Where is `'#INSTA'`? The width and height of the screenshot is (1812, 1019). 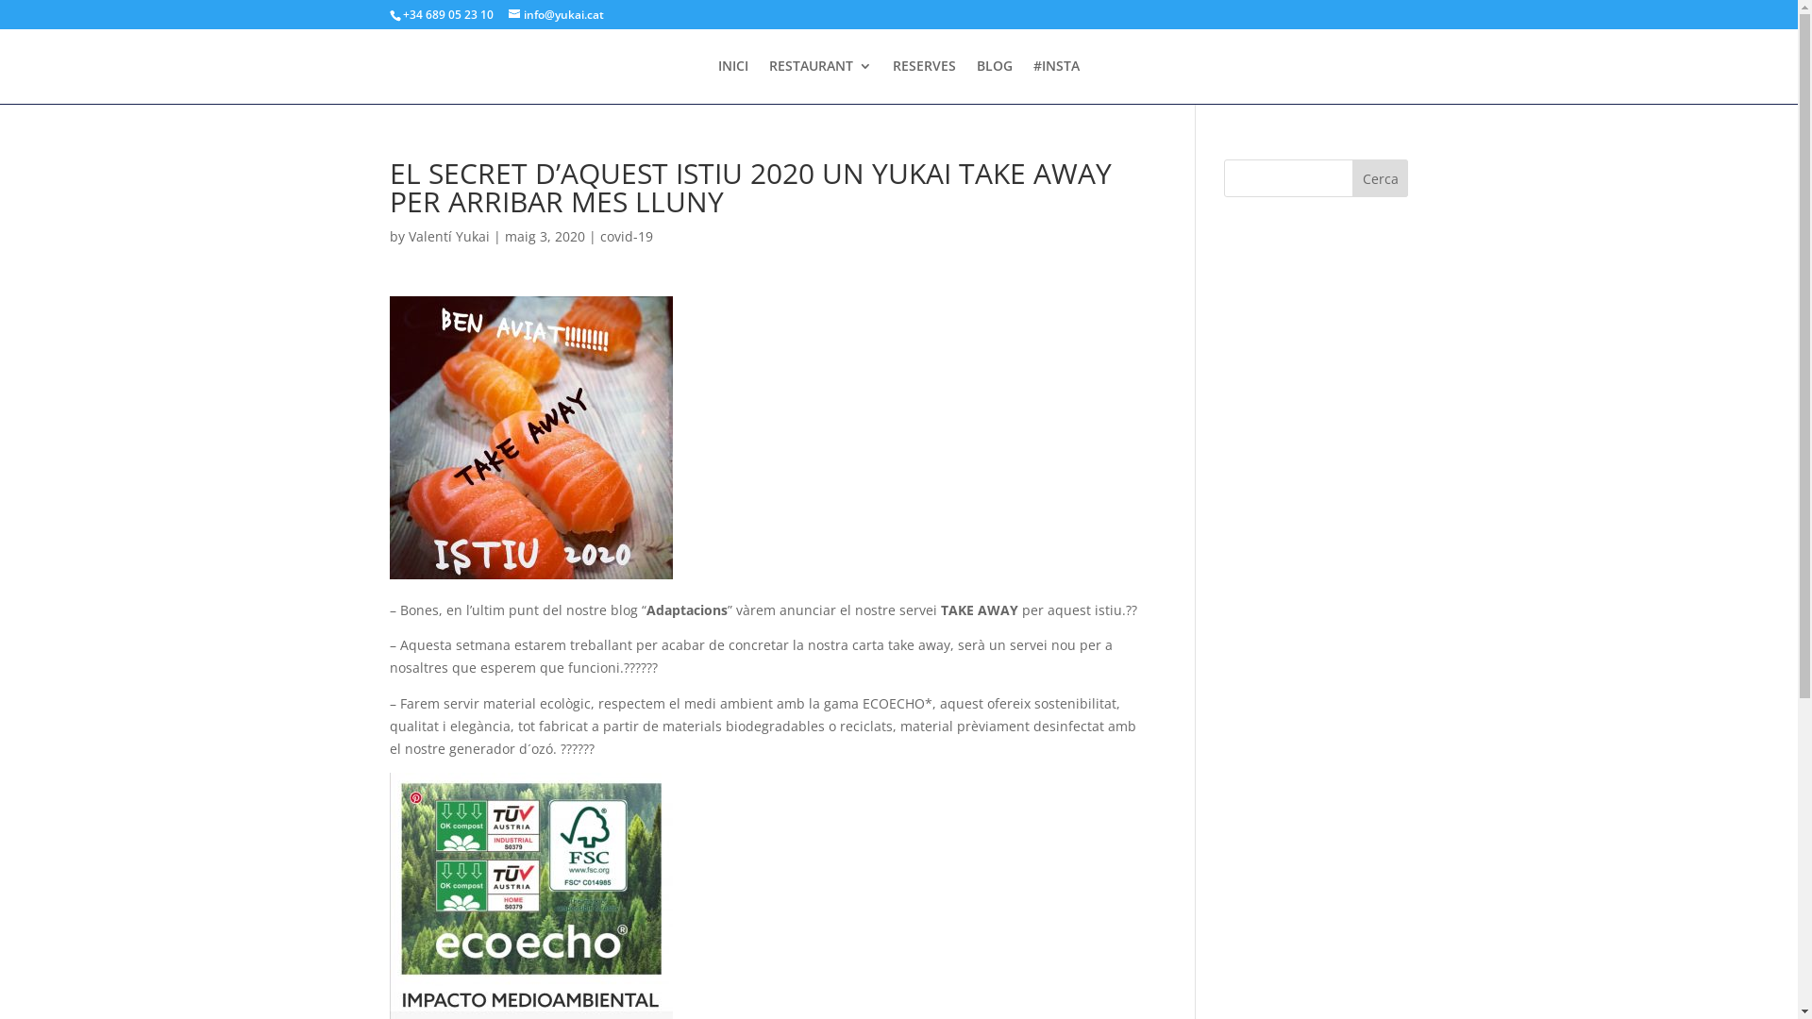 '#INSTA' is located at coordinates (1032, 80).